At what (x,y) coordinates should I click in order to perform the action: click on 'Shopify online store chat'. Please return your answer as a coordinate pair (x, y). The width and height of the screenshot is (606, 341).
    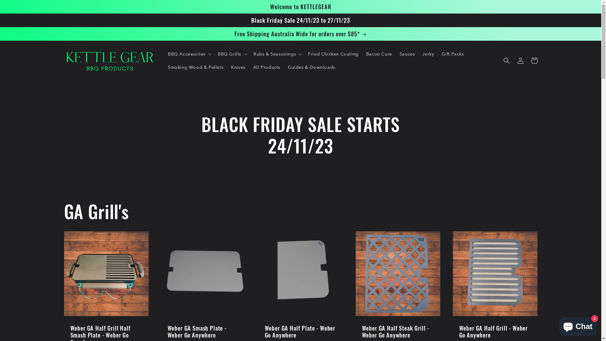
    Looking at the image, I should click on (578, 325).